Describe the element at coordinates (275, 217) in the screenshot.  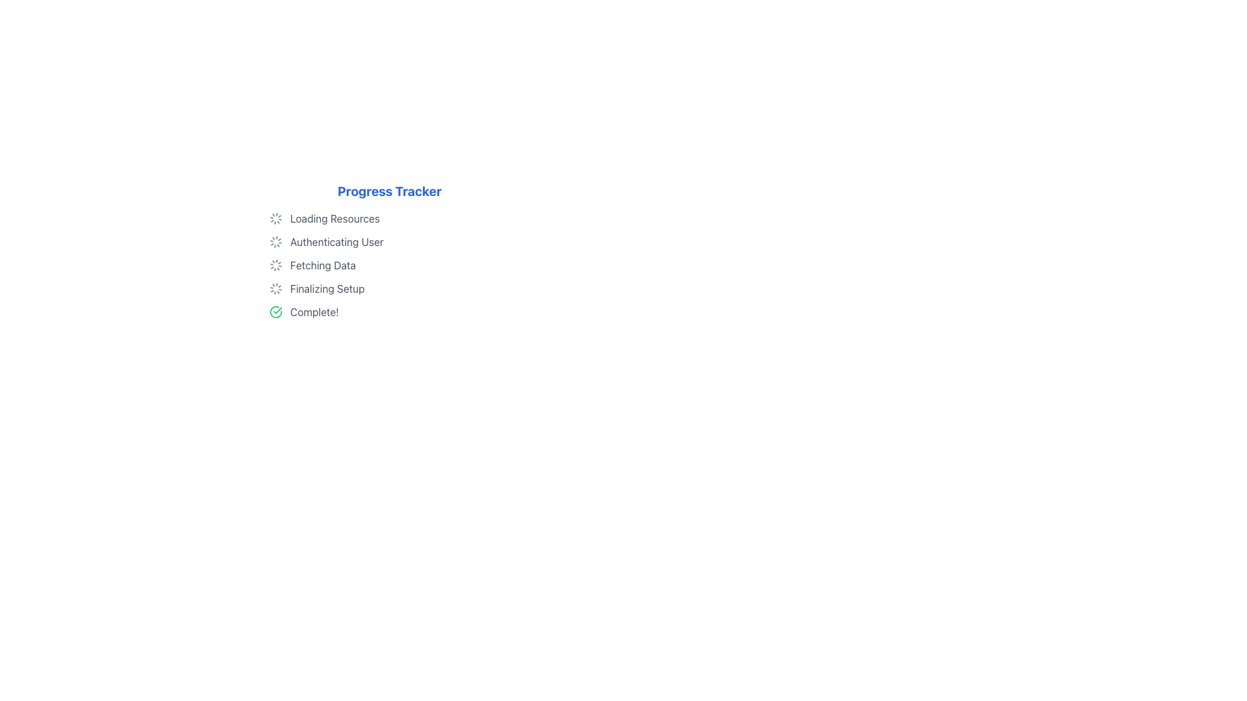
I see `the small circular gray spinner icon located to the left of the 'Loading Resources' label in the progress tracker section` at that location.